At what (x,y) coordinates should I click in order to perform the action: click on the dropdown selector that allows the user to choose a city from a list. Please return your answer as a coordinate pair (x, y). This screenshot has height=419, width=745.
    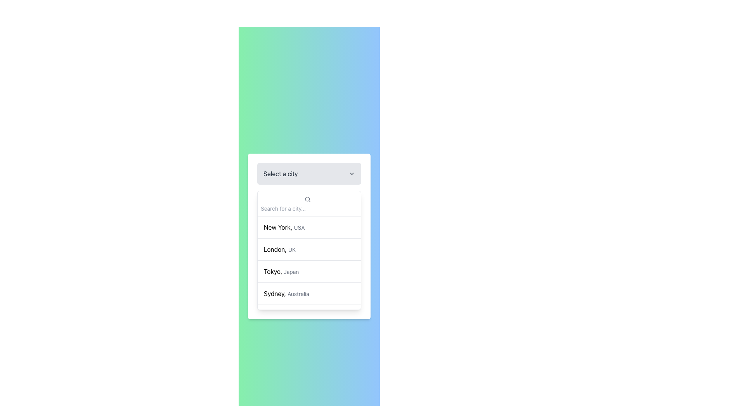
    Looking at the image, I should click on (308, 173).